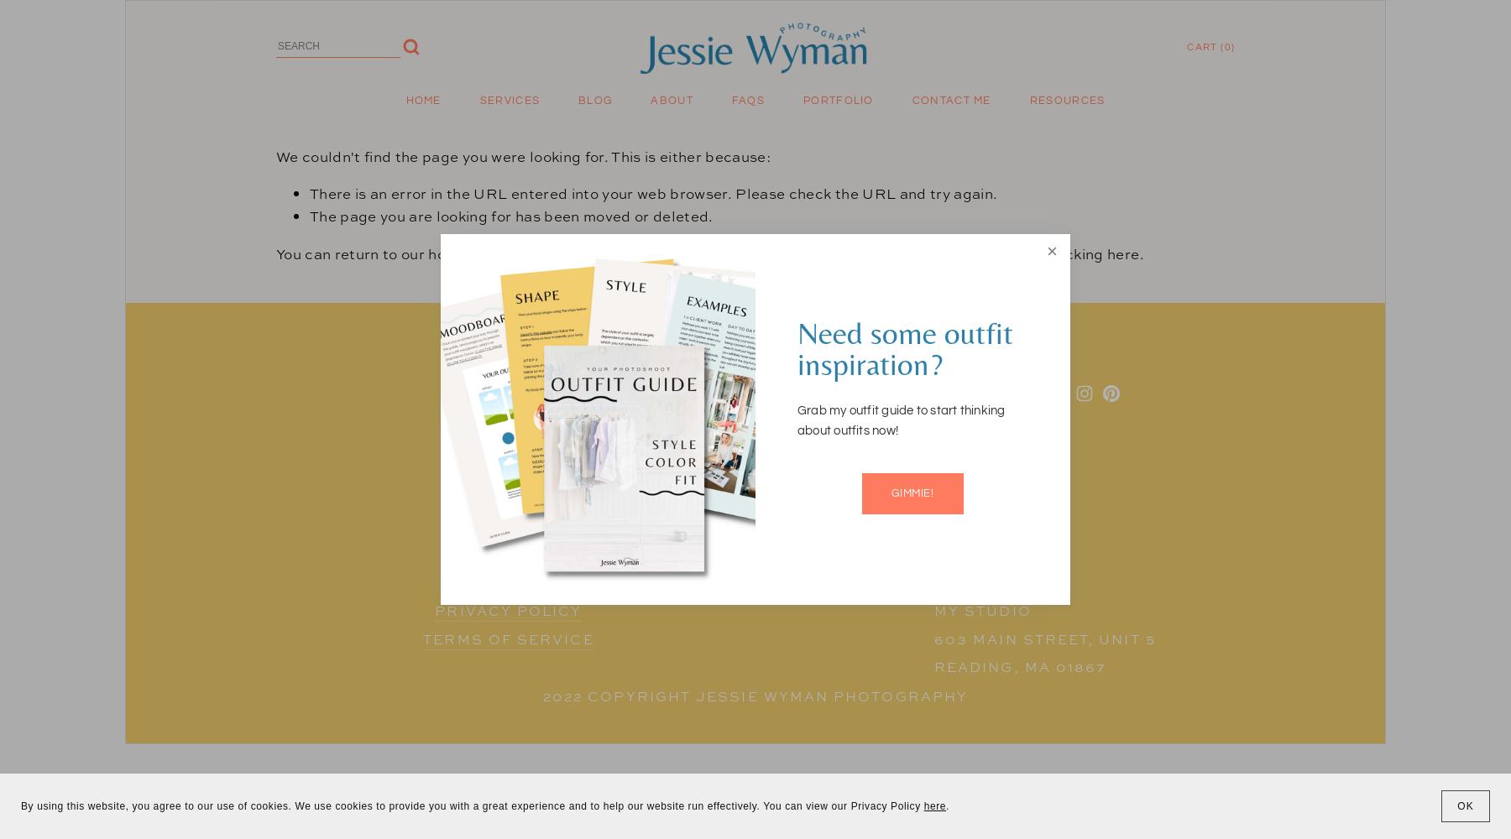 The image size is (1511, 839). I want to click on 'Blog', so click(578, 100).